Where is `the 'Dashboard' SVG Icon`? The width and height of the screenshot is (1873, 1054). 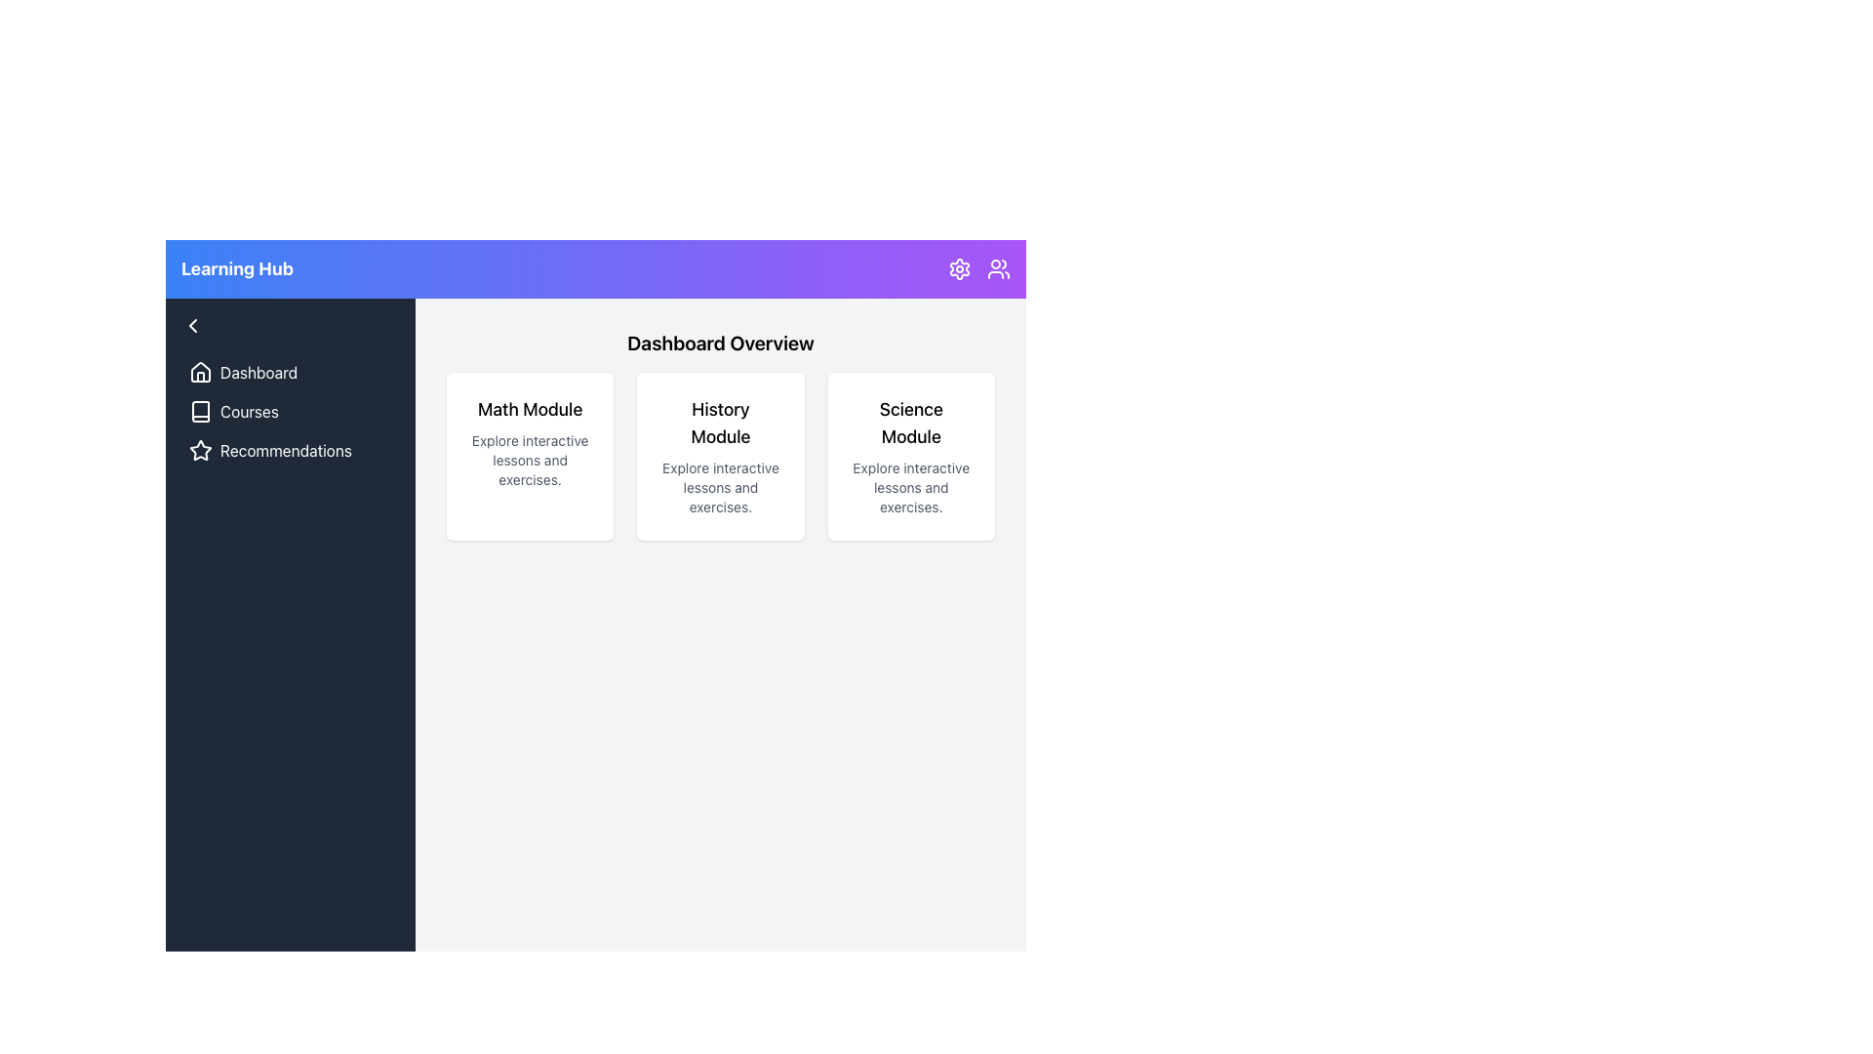 the 'Dashboard' SVG Icon is located at coordinates (201, 372).